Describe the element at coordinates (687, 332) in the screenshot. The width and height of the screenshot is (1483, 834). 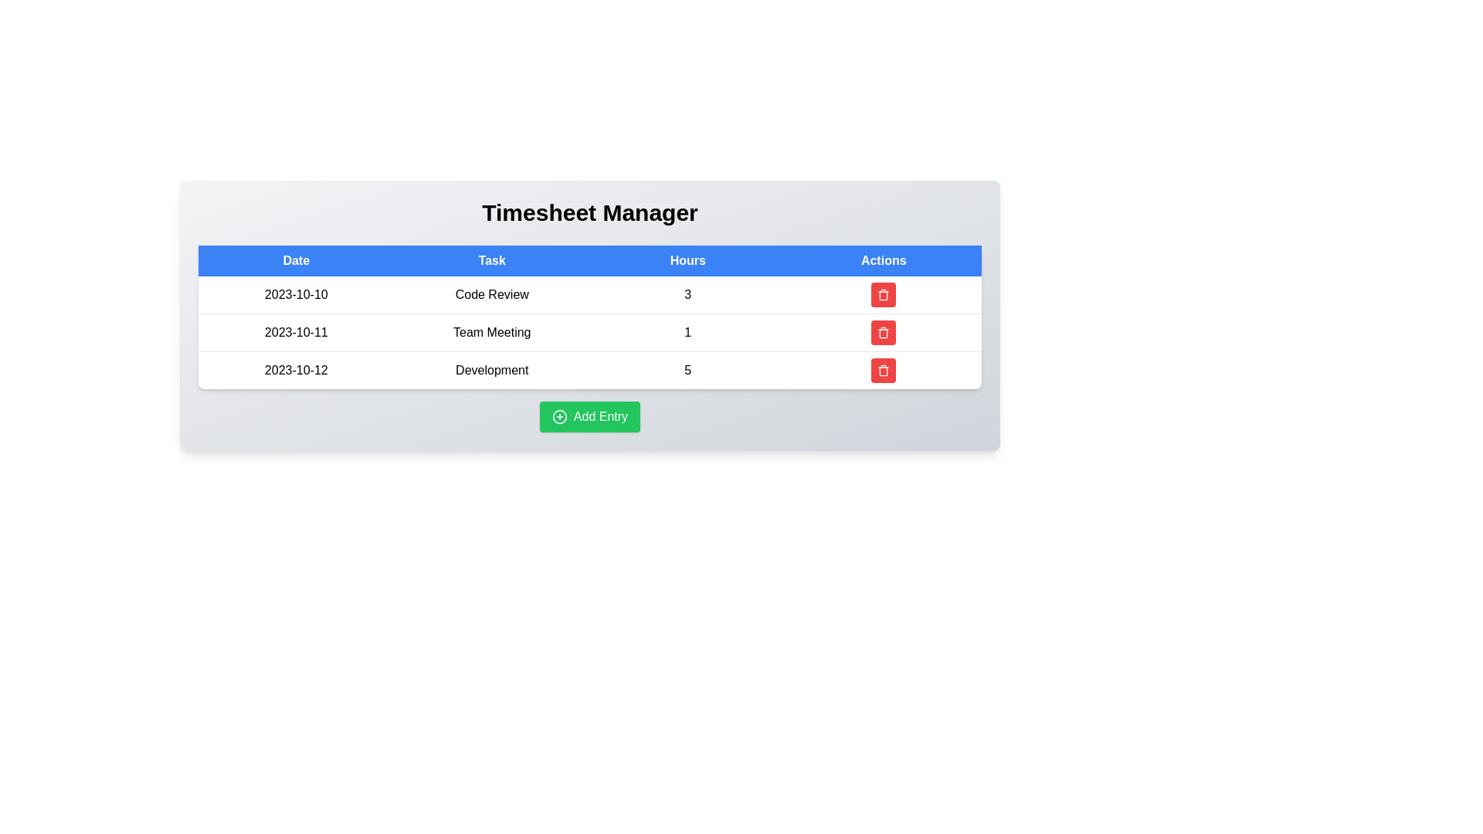
I see `the static text label displaying the number of hours associated with the 'Team Meeting' entry in the timesheet table located in the third column of the second row` at that location.